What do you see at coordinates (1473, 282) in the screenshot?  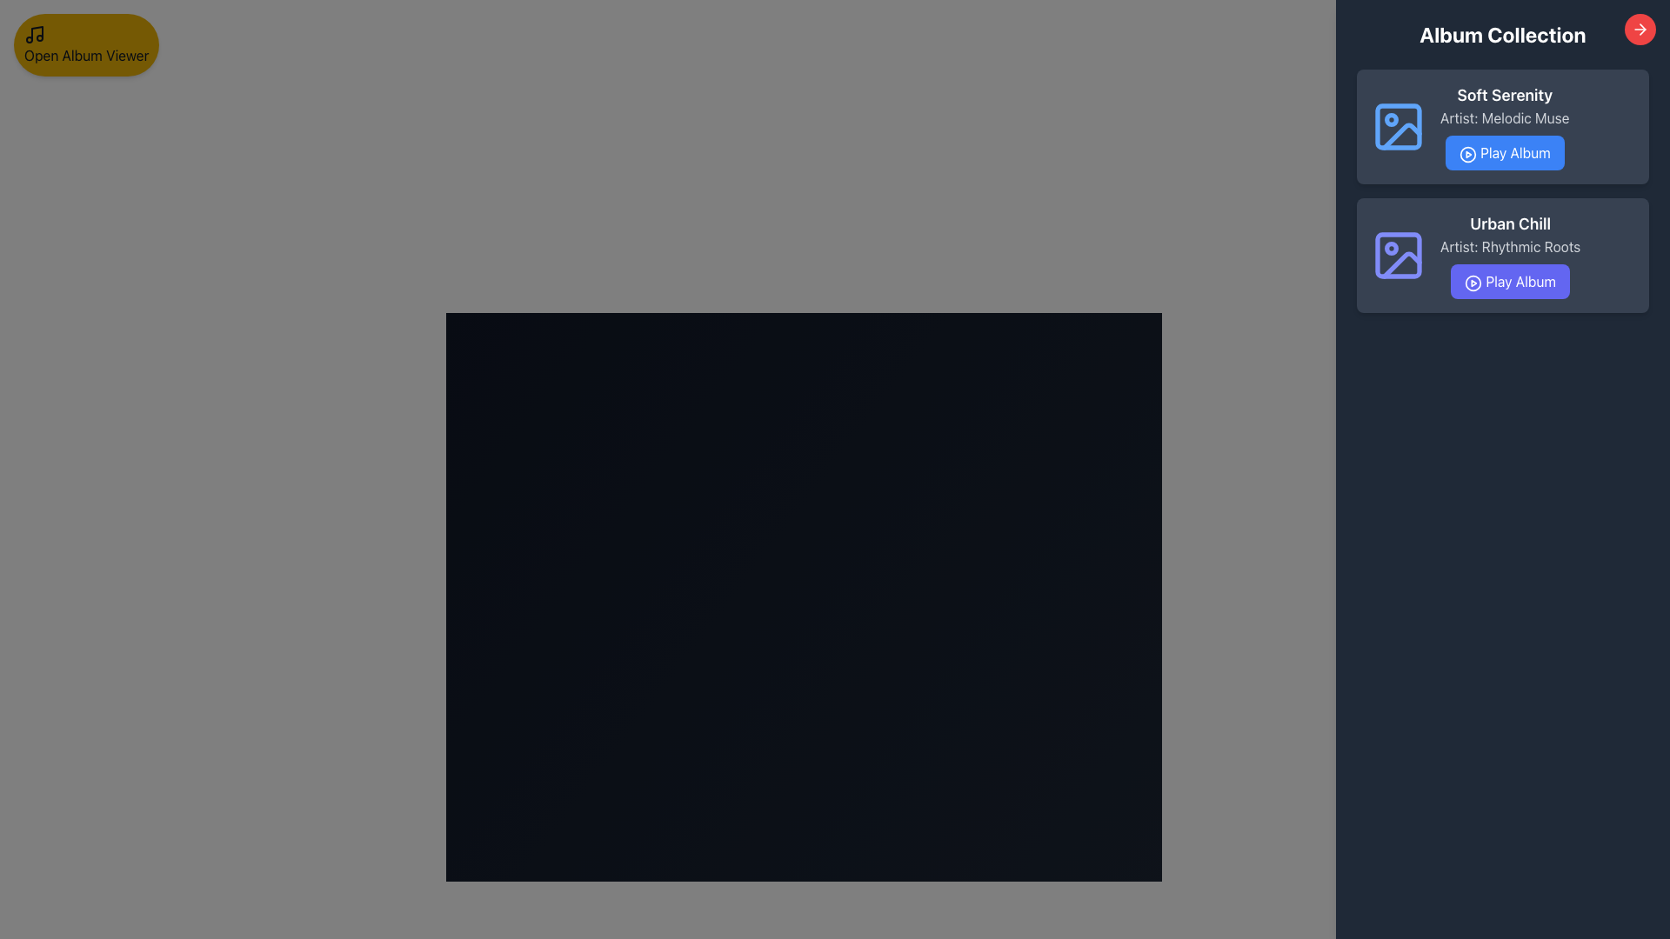 I see `the SVG-based play icon within the 'Play Album' button for the album 'Urban Chill' located on the second album card` at bounding box center [1473, 282].